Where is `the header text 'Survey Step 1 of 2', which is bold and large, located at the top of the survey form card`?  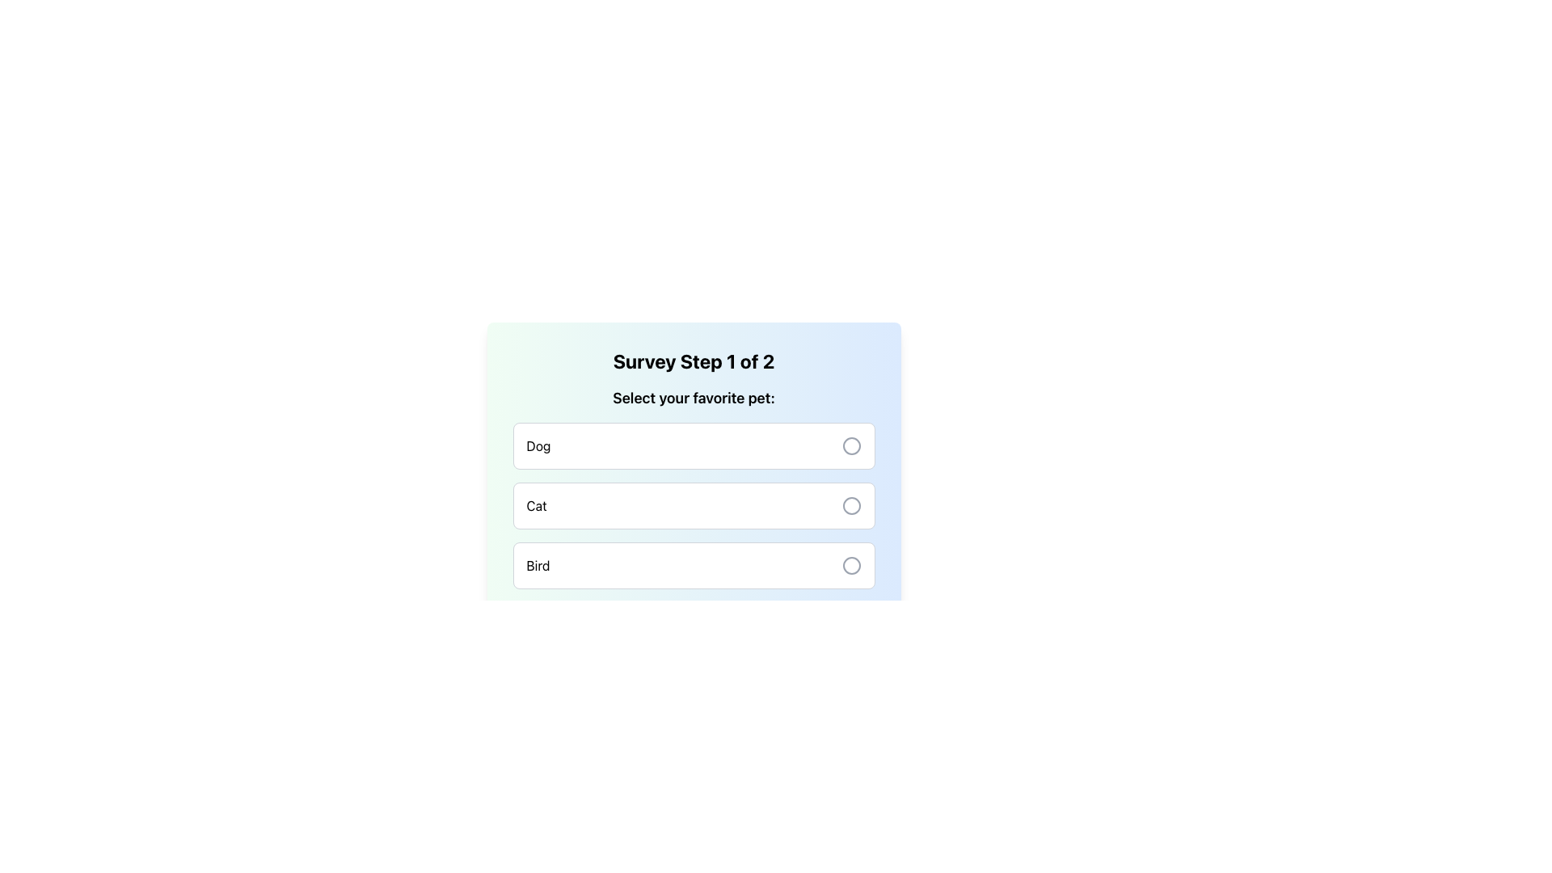 the header text 'Survey Step 1 of 2', which is bold and large, located at the top of the survey form card is located at coordinates (694, 361).